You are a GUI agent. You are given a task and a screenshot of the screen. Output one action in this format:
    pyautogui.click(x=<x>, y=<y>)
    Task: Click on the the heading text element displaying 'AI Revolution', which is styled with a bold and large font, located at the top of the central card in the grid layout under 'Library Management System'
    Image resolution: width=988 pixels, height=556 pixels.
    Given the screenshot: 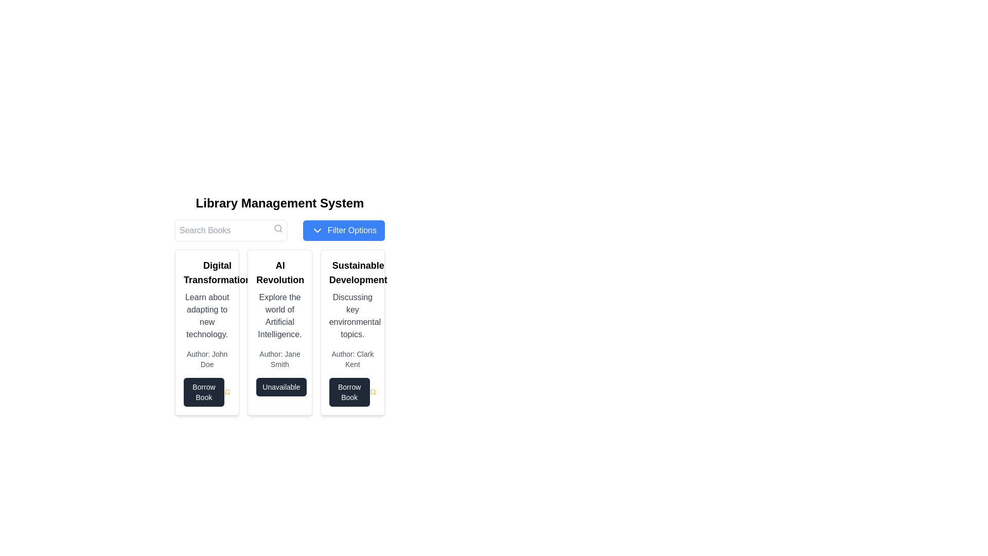 What is the action you would take?
    pyautogui.click(x=280, y=272)
    